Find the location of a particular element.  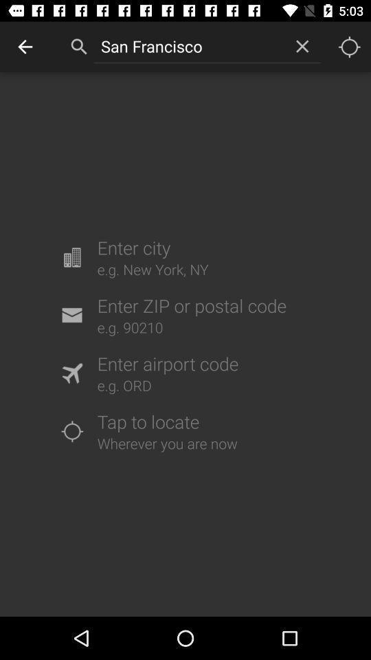

the item above enter zip or icon is located at coordinates (302, 46).